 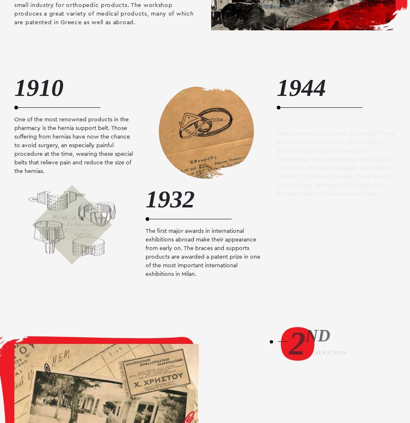 What do you see at coordinates (318, 335) in the screenshot?
I see `'nd'` at bounding box center [318, 335].